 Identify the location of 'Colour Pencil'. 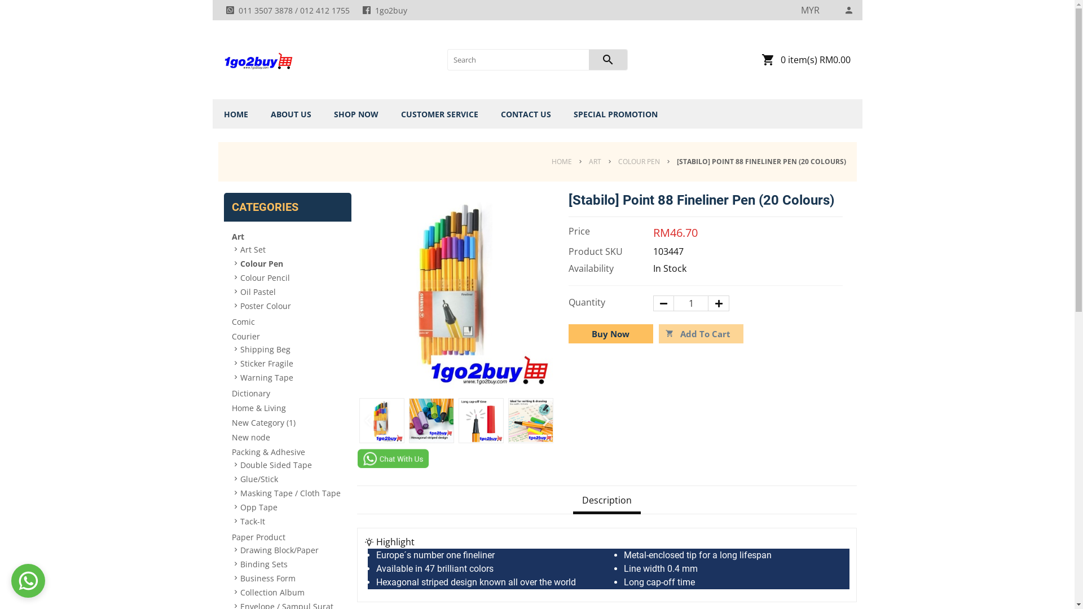
(240, 277).